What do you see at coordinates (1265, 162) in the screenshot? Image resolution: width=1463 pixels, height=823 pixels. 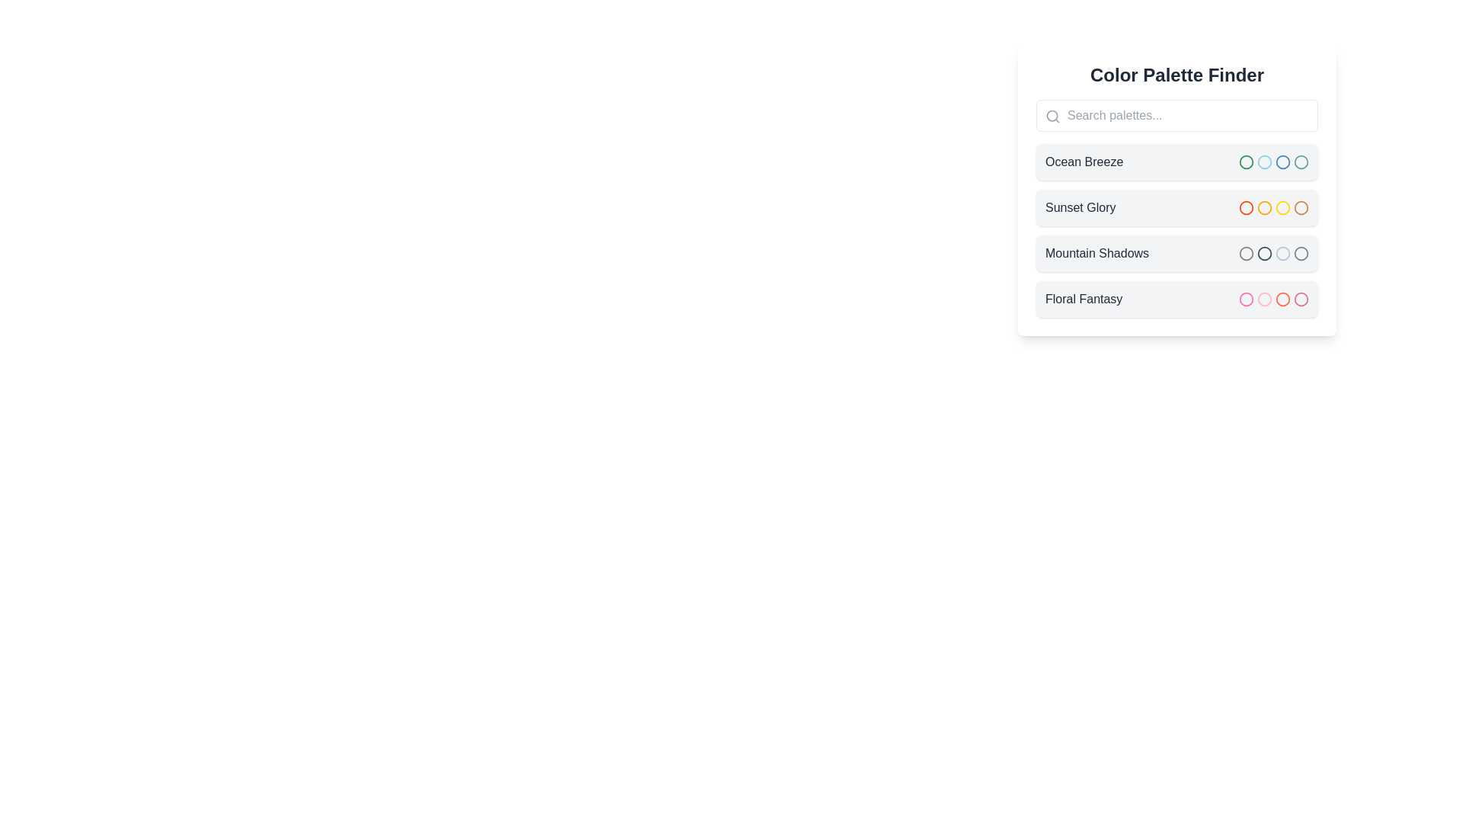 I see `the second circular icon styled in light blue color associated with the 'Ocean Breeze' palette, located between the green and dark blue circles` at bounding box center [1265, 162].